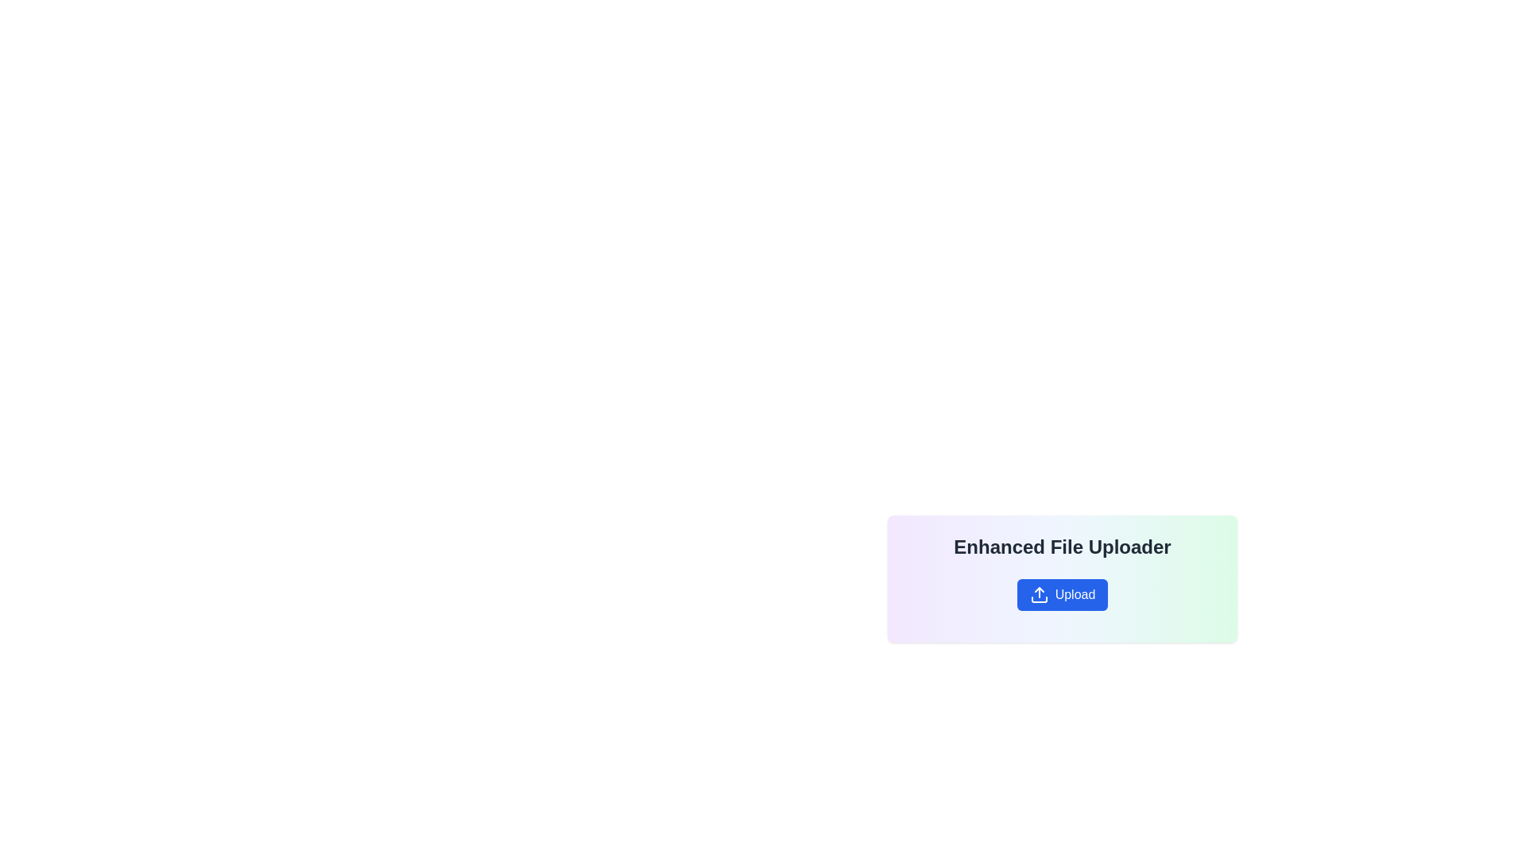  Describe the element at coordinates (1039, 594) in the screenshot. I see `SVG Icon representing the upload action, which is located within the blue rectangular button labeled 'Upload' near the bottom-center of the interface` at that location.